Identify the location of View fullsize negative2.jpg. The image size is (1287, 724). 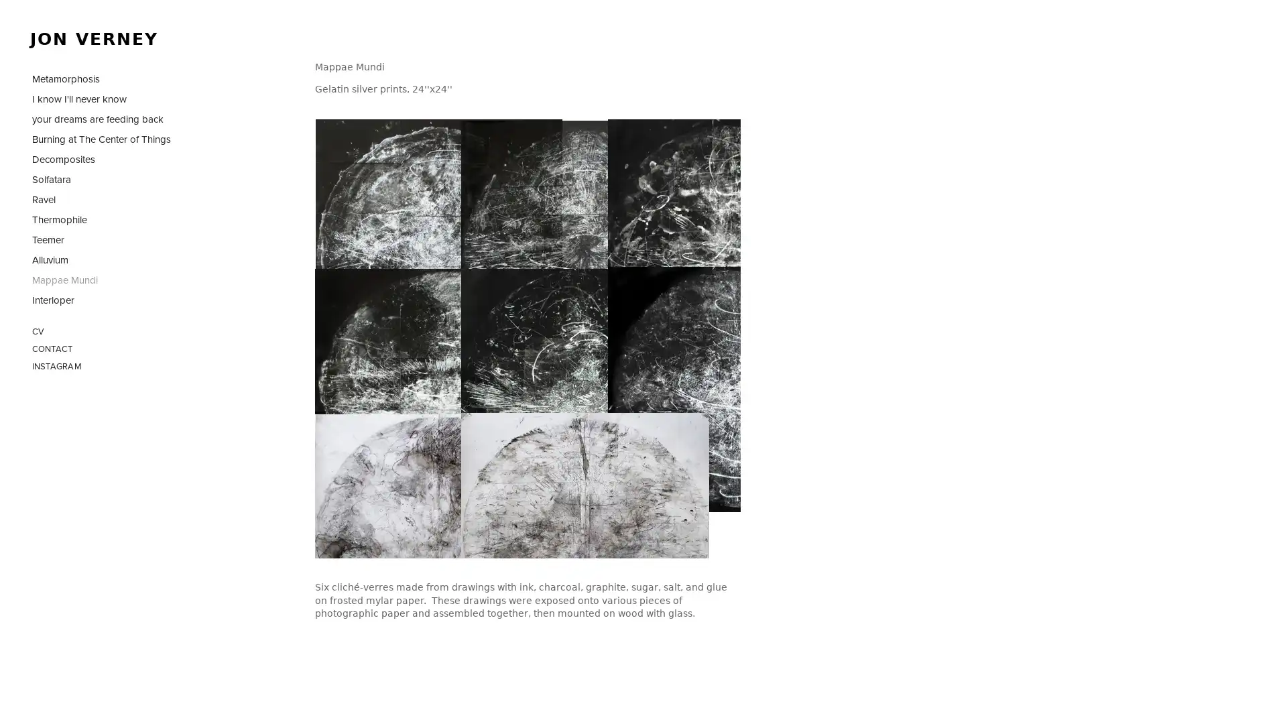
(527, 477).